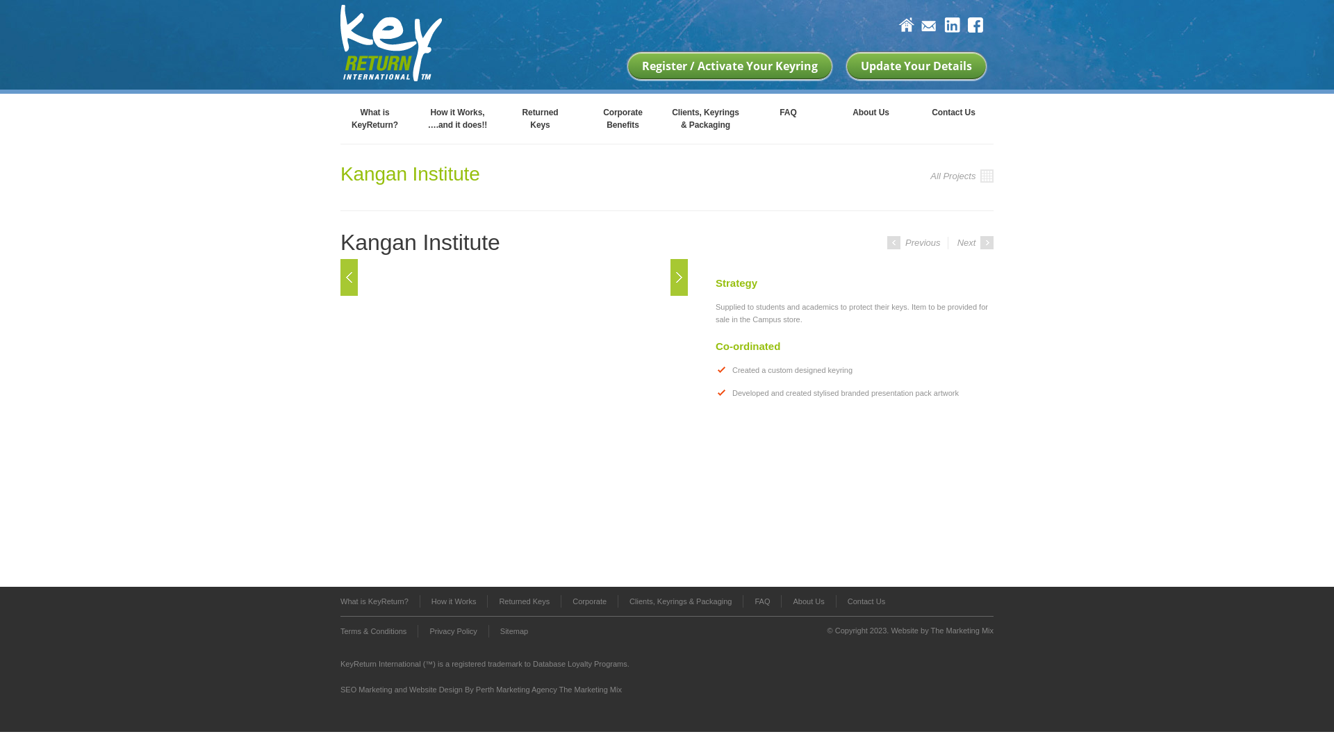 This screenshot has width=1334, height=750. I want to click on 'What is KeyReturn?', so click(380, 601).